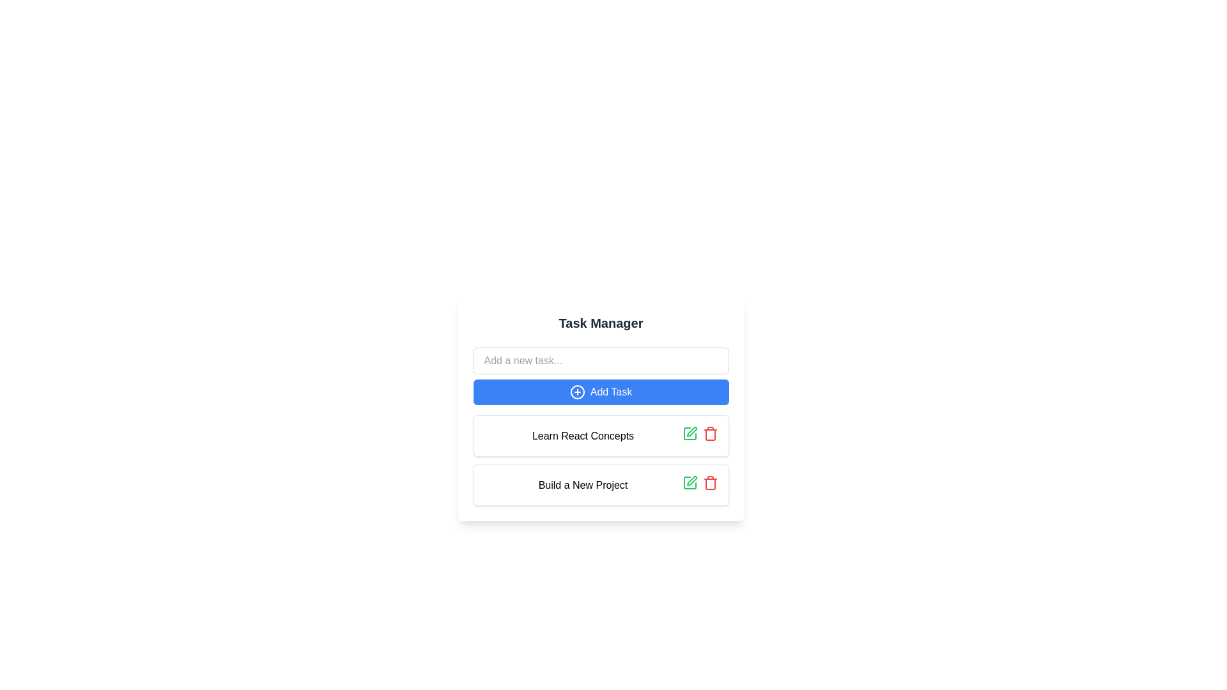 This screenshot has height=690, width=1227. I want to click on the editing tool icon located in the second row of the task list, next to the 'Build a New Project' label, so click(691, 480).